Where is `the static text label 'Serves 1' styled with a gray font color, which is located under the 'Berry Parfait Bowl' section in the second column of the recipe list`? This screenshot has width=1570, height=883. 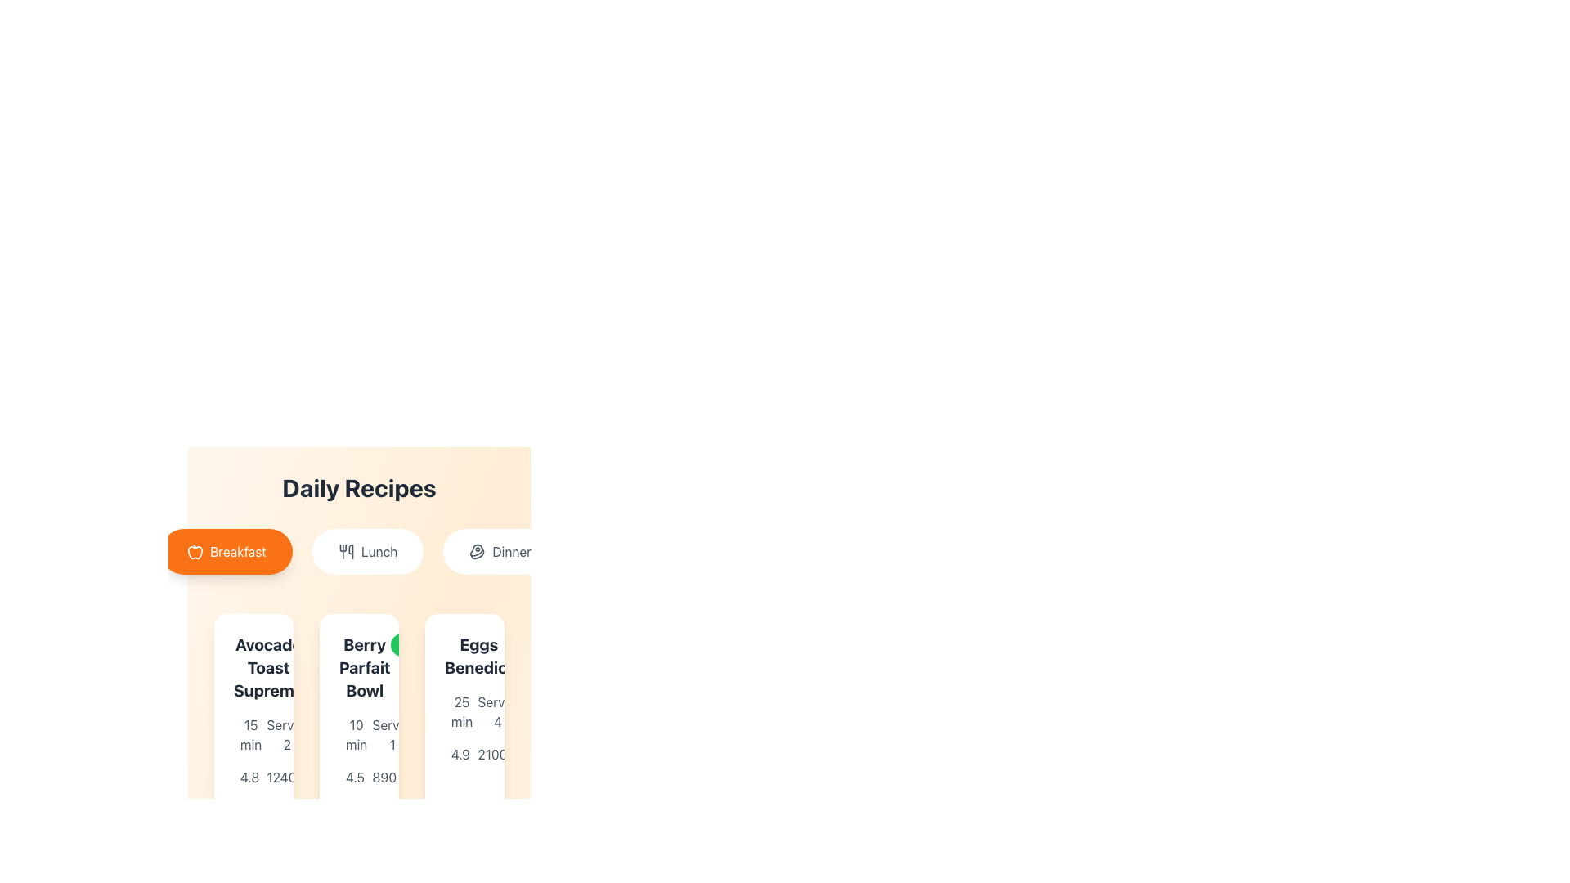
the static text label 'Serves 1' styled with a gray font color, which is located under the 'Berry Parfait Bowl' section in the second column of the recipe list is located at coordinates (392, 733).